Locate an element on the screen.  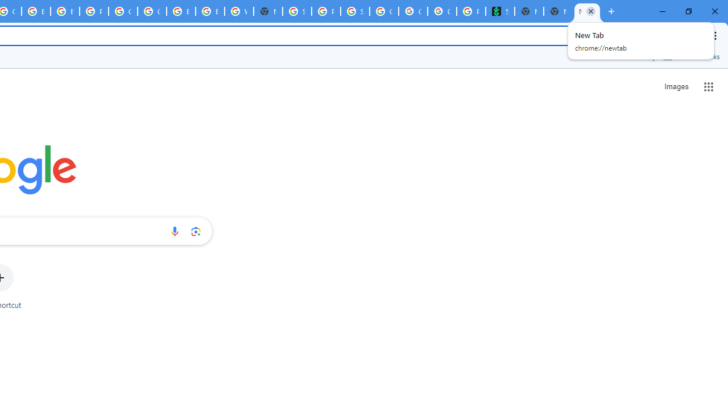
'Search by voice' is located at coordinates (174, 231).